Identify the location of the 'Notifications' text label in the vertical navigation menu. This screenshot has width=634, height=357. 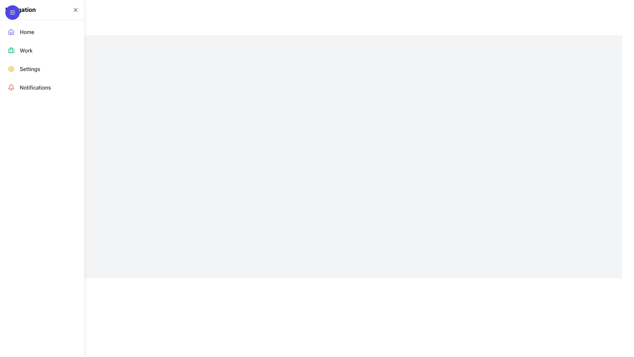
(35, 87).